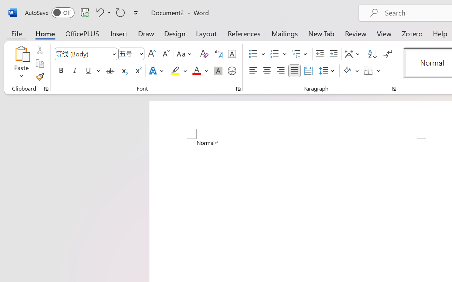 Image resolution: width=452 pixels, height=282 pixels. Describe the element at coordinates (120, 12) in the screenshot. I see `'Repeat Doc Close'` at that location.